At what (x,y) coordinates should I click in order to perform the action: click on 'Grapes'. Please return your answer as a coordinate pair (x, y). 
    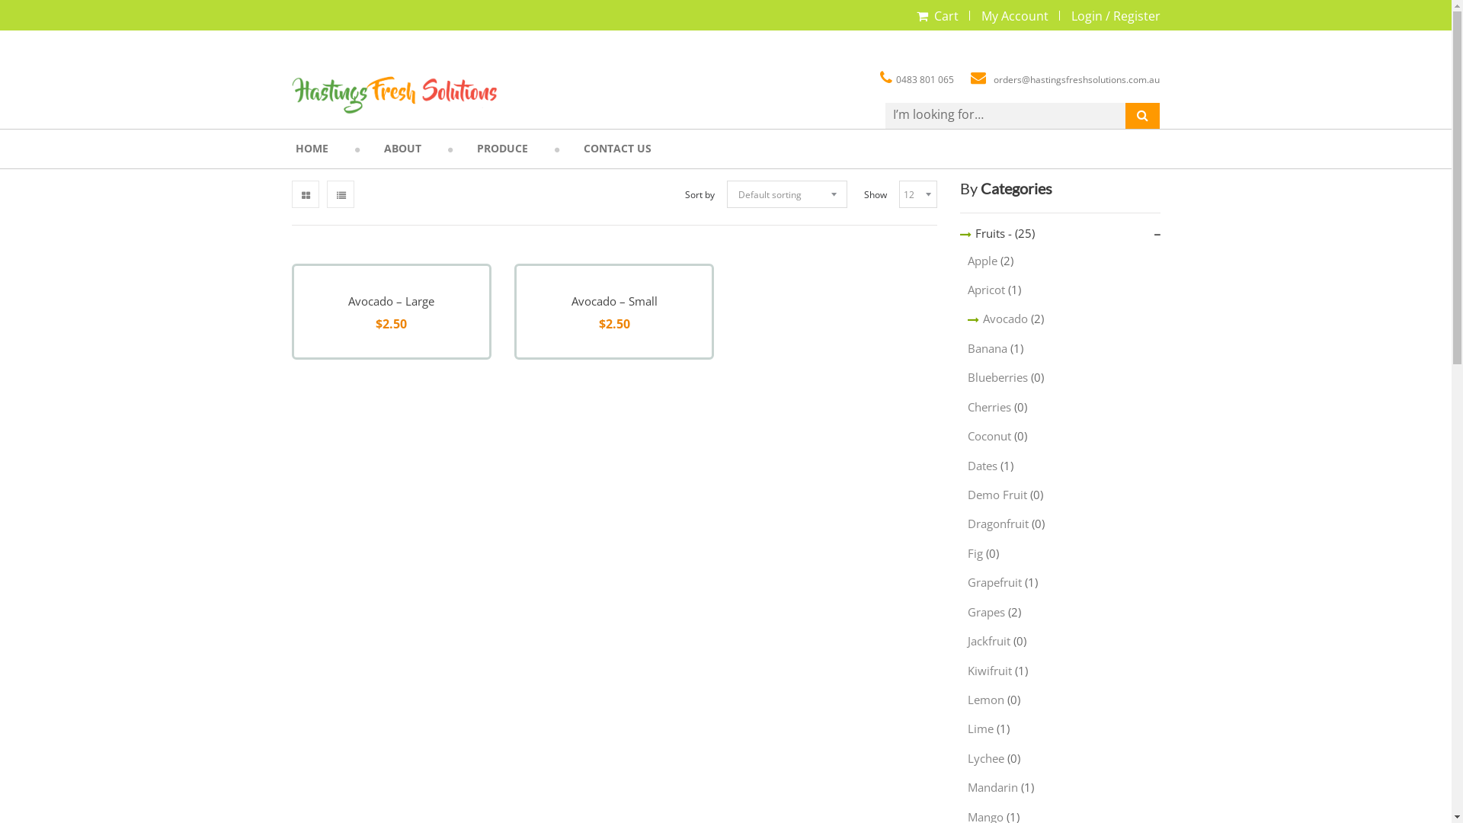
    Looking at the image, I should click on (986, 610).